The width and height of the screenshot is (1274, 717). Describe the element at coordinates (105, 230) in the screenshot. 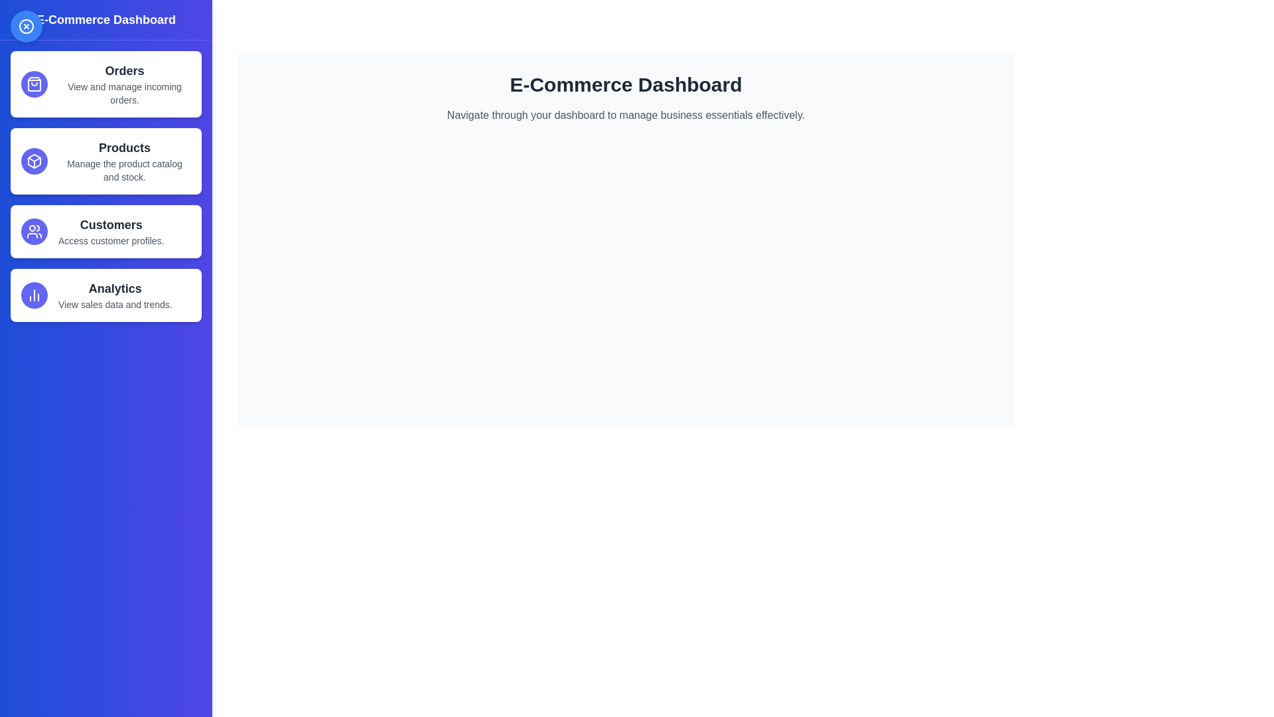

I see `the menu item labeled Customers` at that location.